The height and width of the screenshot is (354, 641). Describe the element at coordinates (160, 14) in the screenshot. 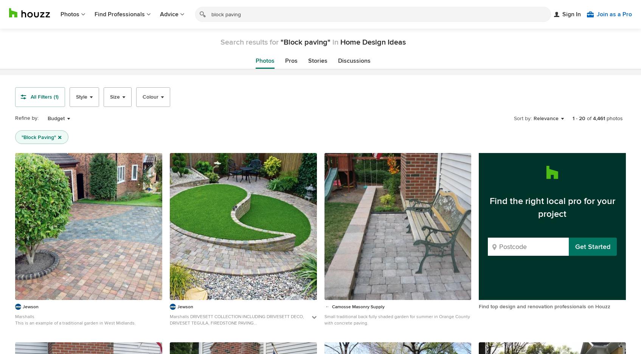

I see `'Advice'` at that location.